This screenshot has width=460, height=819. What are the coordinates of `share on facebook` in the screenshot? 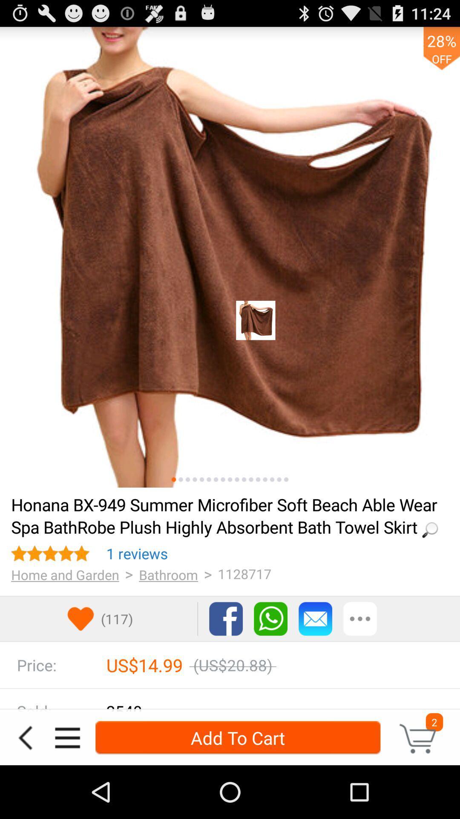 It's located at (225, 619).